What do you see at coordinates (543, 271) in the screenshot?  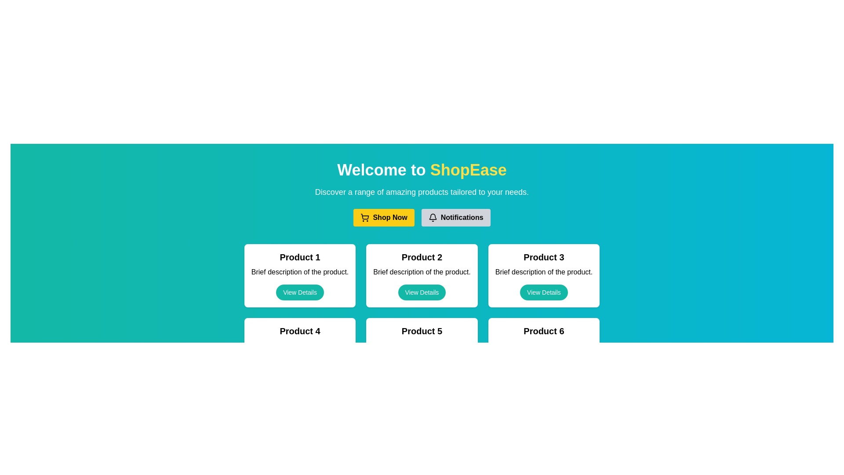 I see `the text display showing 'Brief description of the product.' located in the Product 3 card, positioned below the title and above the 'View Details' button` at bounding box center [543, 271].